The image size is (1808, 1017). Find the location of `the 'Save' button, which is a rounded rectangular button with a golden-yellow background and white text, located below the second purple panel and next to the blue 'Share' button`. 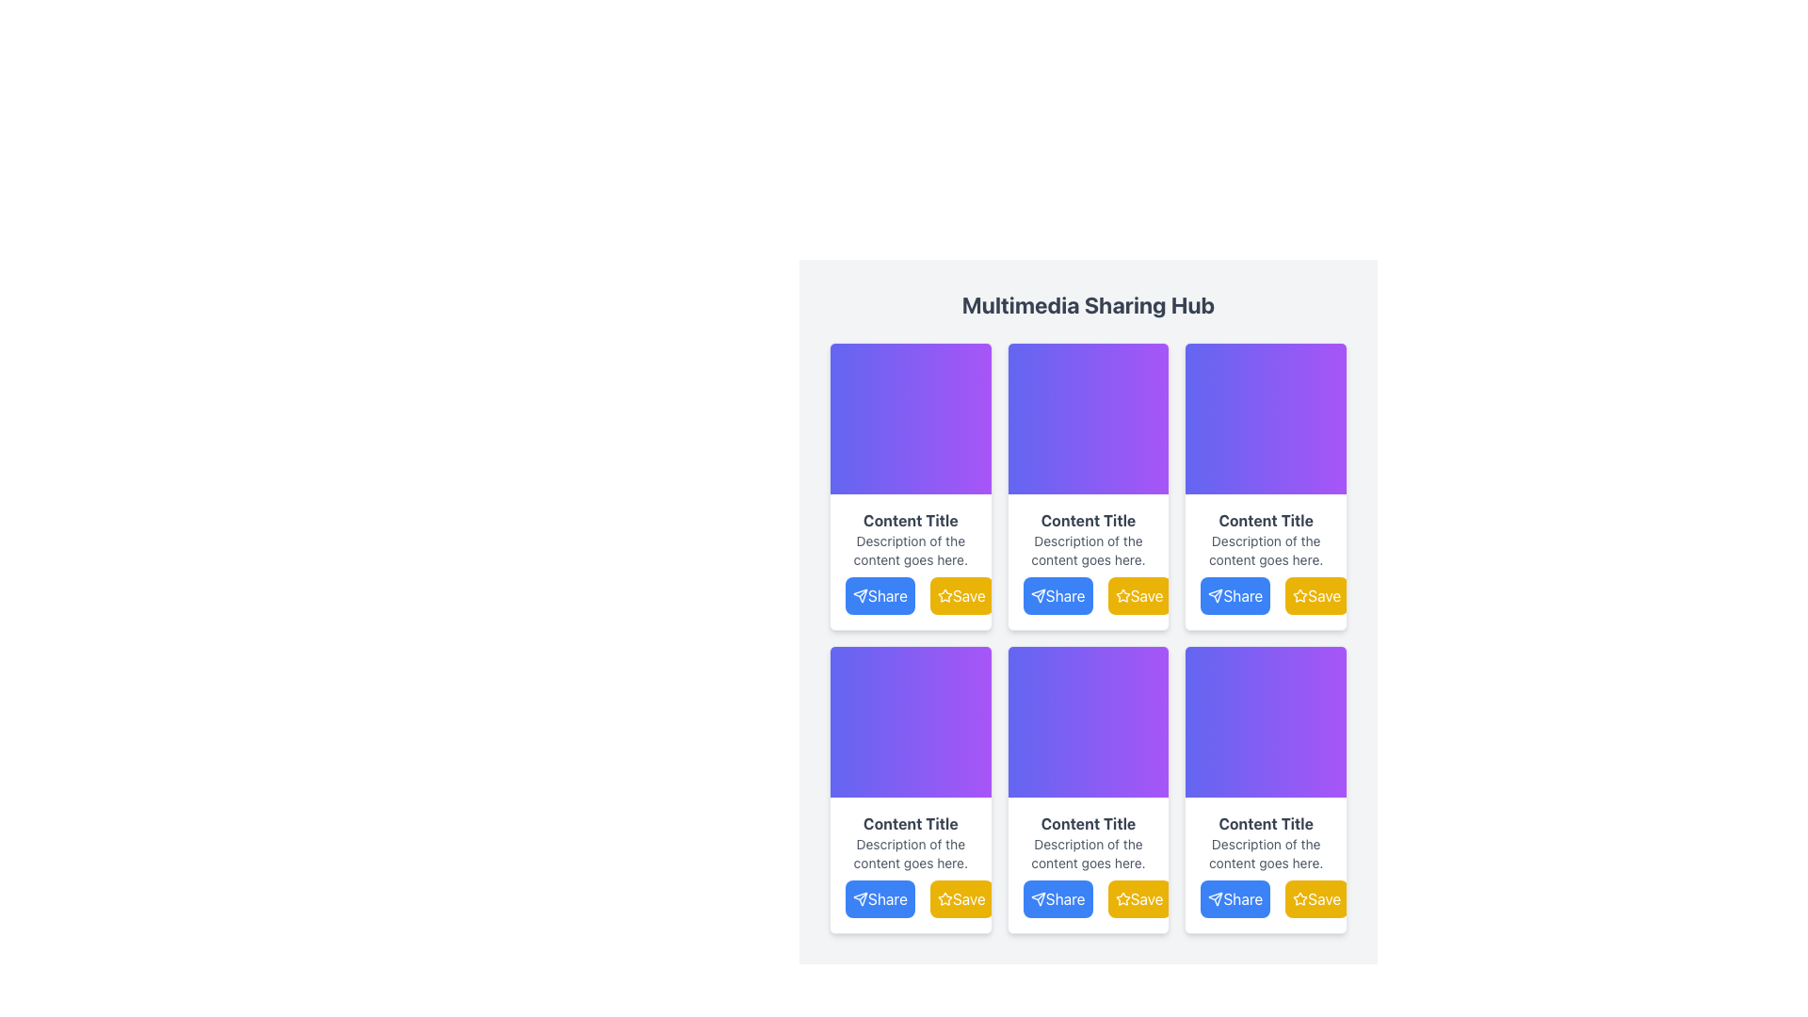

the 'Save' button, which is a rounded rectangular button with a golden-yellow background and white text, located below the second purple panel and next to the blue 'Share' button is located at coordinates (961, 595).